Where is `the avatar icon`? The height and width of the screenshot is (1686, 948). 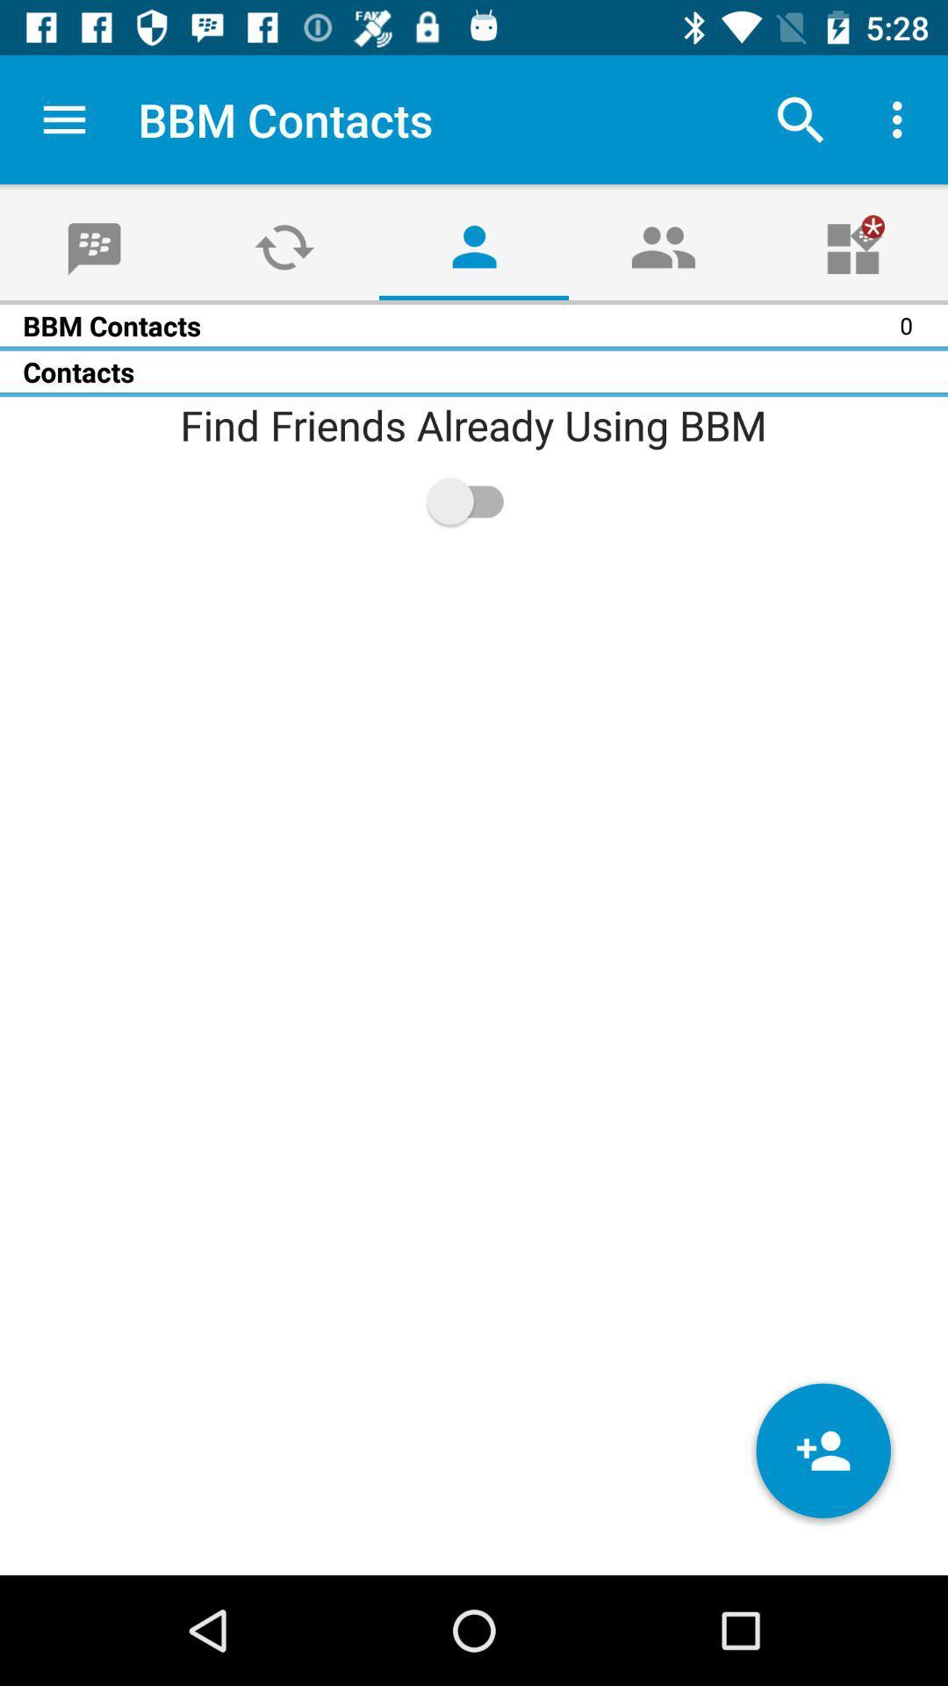
the avatar icon is located at coordinates (474, 246).